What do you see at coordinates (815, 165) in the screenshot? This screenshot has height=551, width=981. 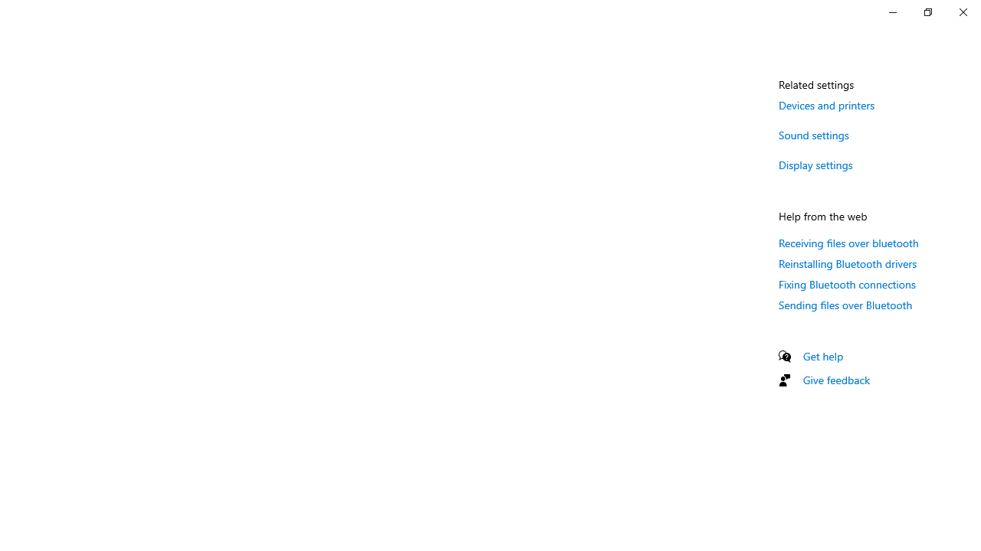 I see `'Display settings'` at bounding box center [815, 165].